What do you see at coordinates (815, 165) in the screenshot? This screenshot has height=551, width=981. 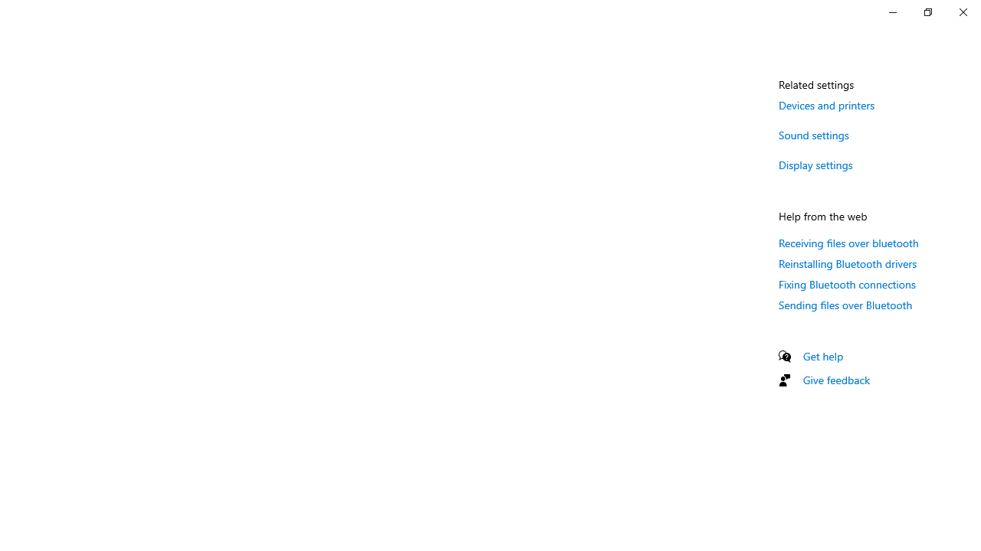 I see `'Display settings'` at bounding box center [815, 165].